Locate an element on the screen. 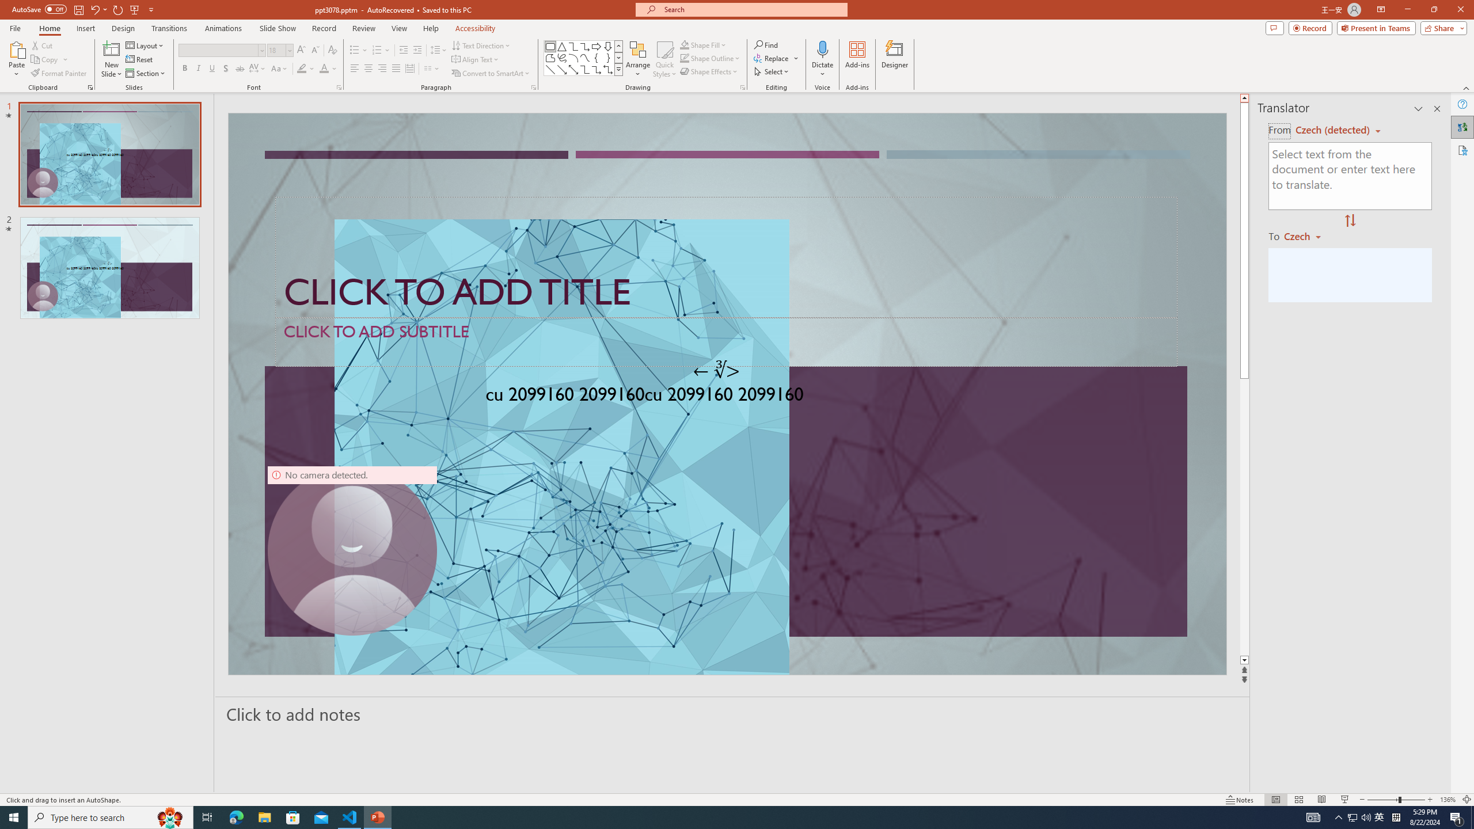 The height and width of the screenshot is (829, 1474). 'Connector: Elbow Double-Arrow' is located at coordinates (607, 69).